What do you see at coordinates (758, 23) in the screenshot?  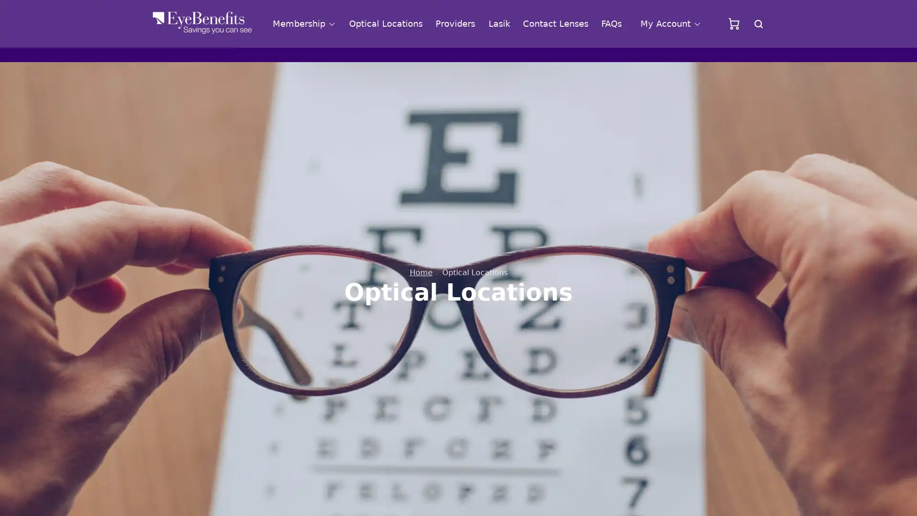 I see `Toggle search` at bounding box center [758, 23].